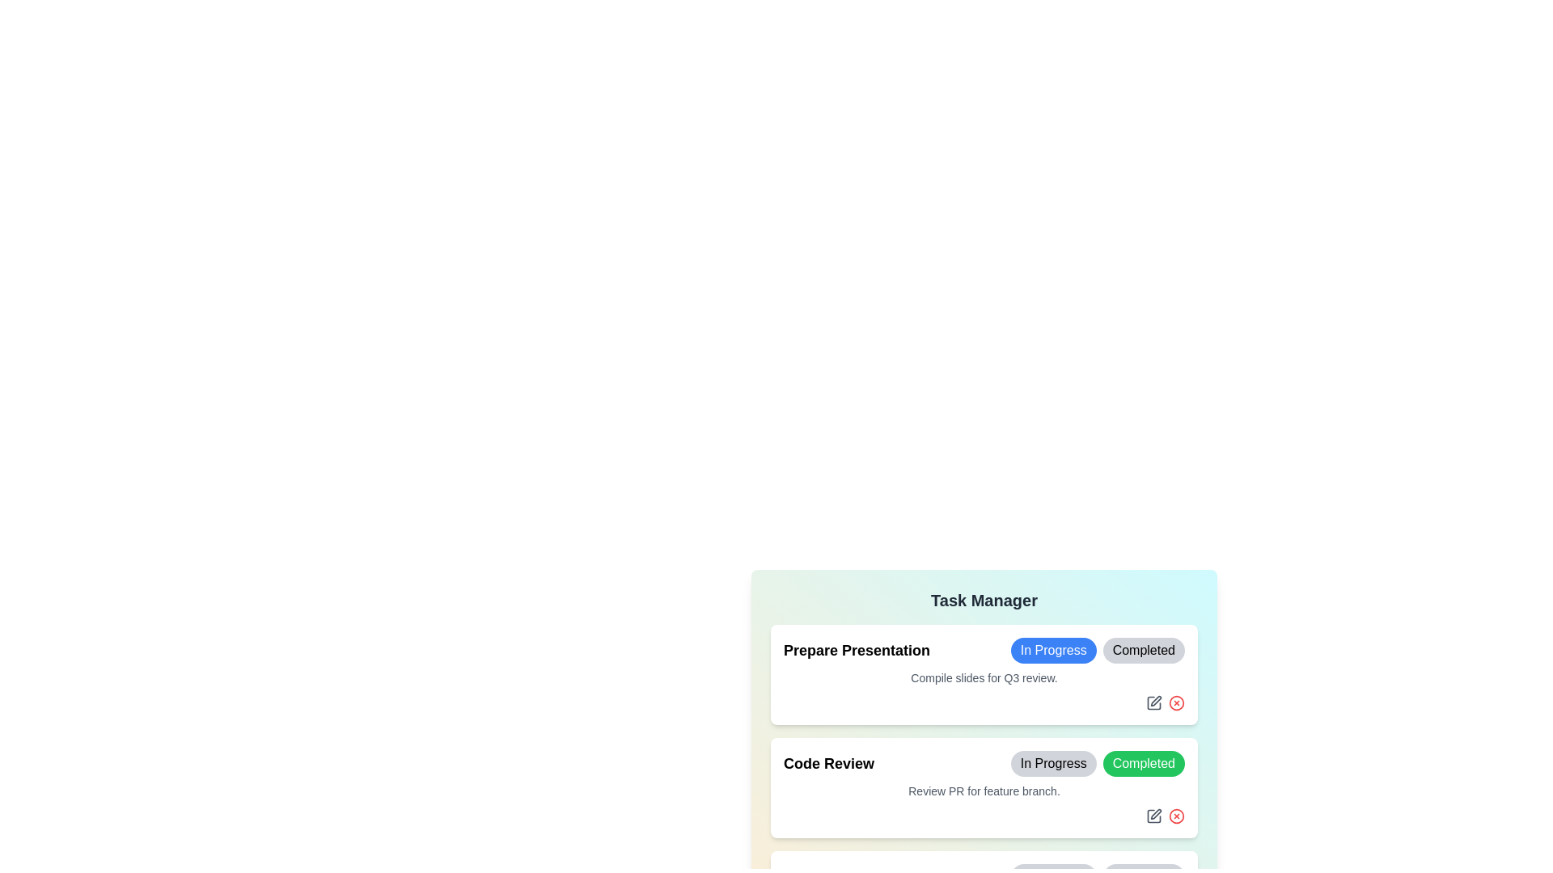 The width and height of the screenshot is (1553, 873). Describe the element at coordinates (1153, 816) in the screenshot. I see `the edit icon for the task titled Code Review` at that location.